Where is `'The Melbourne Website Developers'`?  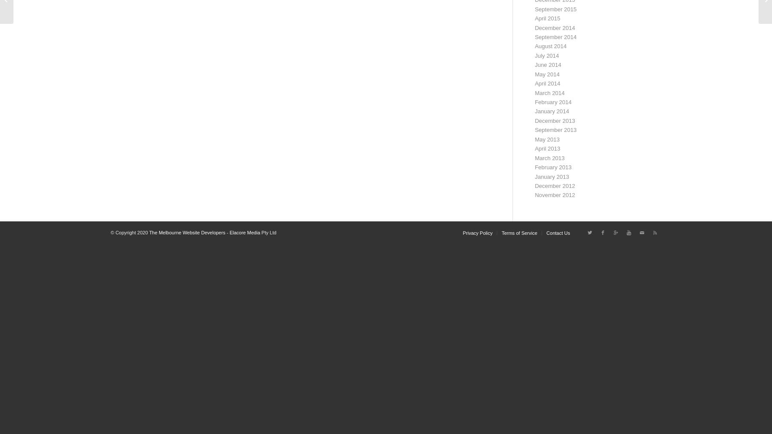 'The Melbourne Website Developers' is located at coordinates (148, 232).